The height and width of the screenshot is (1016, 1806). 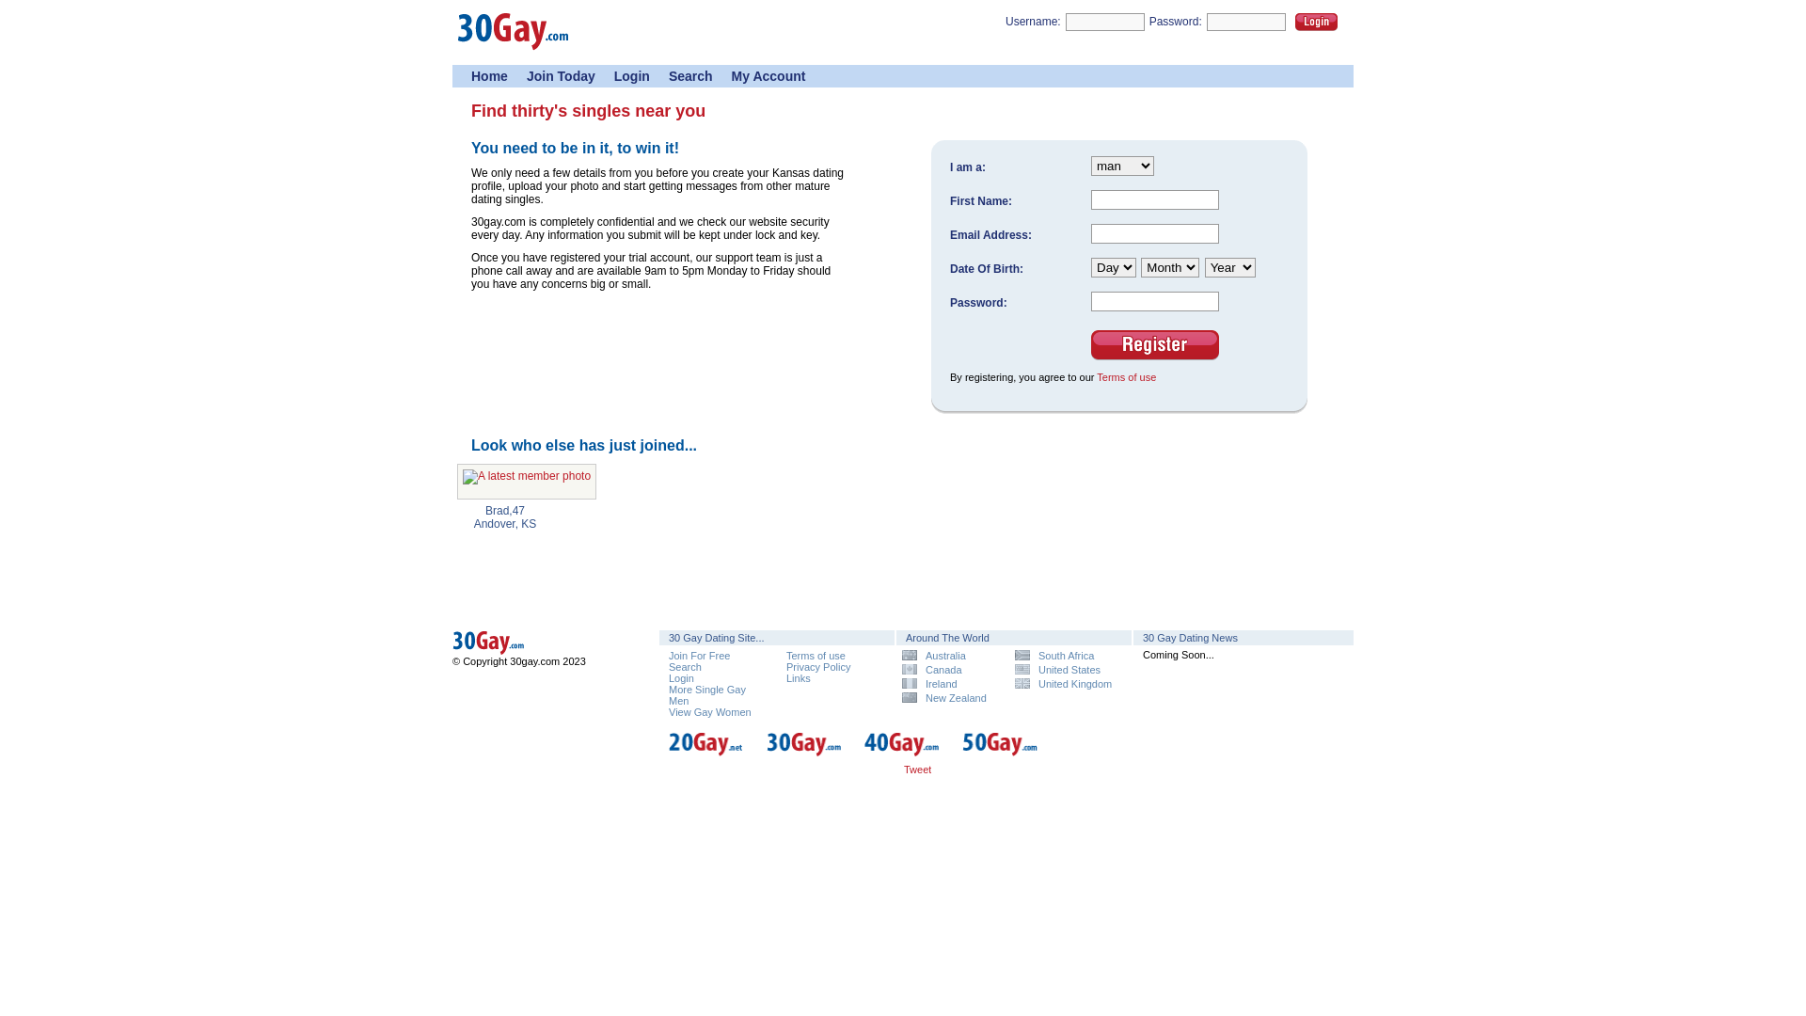 I want to click on 'United Kingdom', so click(x=1064, y=683).